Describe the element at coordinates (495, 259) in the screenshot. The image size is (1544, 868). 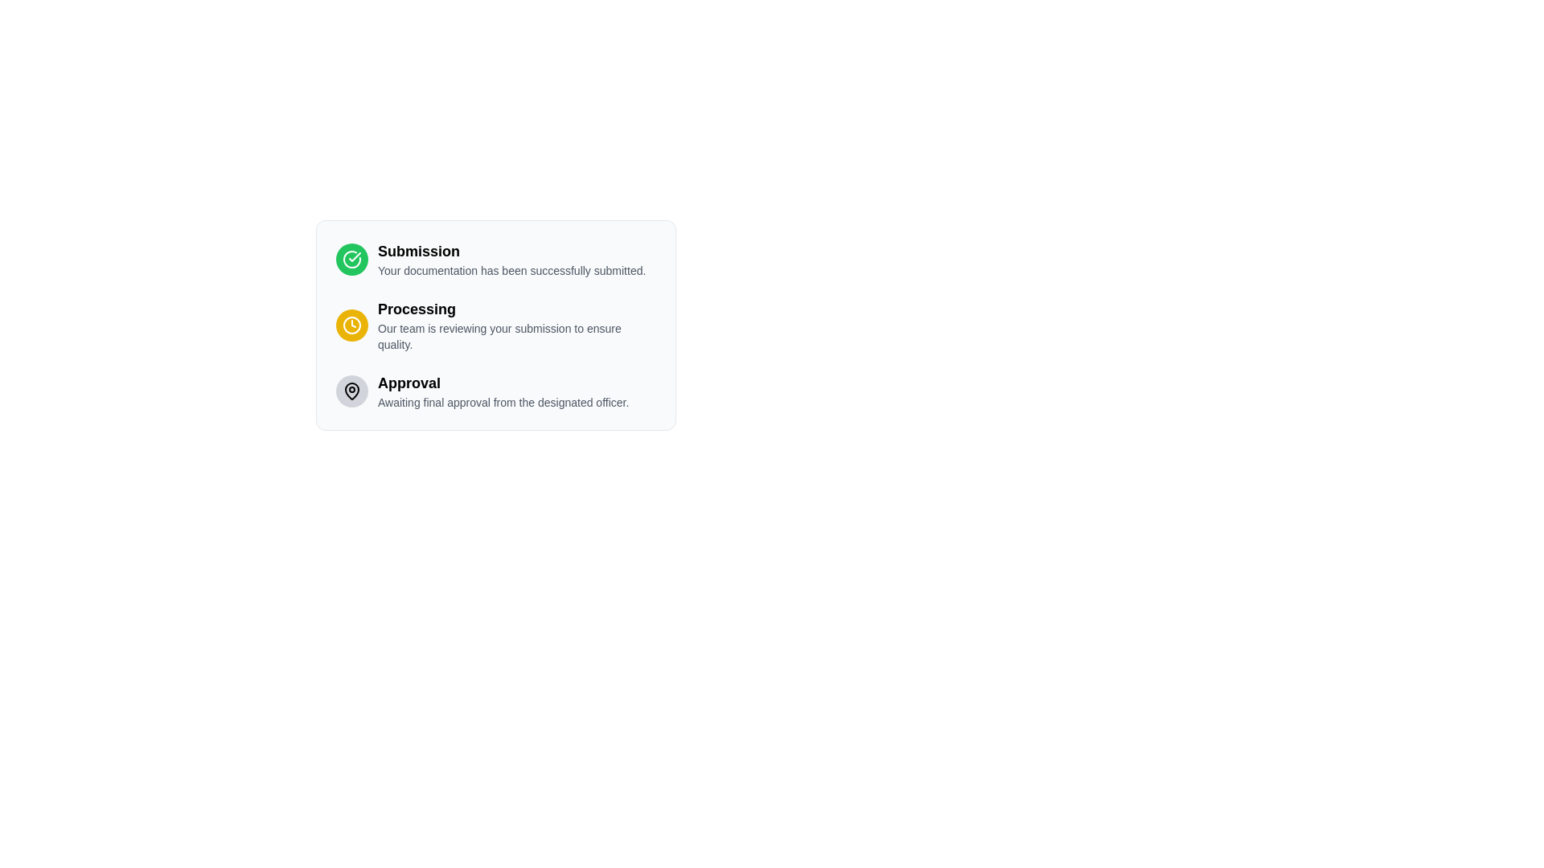
I see `success message from the confirmation Text with icon composite element located at the top of the submission status list` at that location.